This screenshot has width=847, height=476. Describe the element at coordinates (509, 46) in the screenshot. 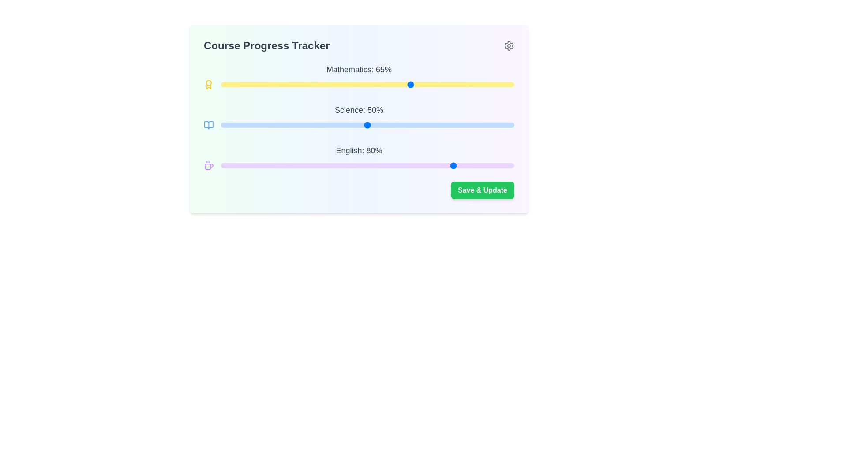

I see `the settings icon for the 'Course Progress Tracker' located at the top-right corner` at that location.